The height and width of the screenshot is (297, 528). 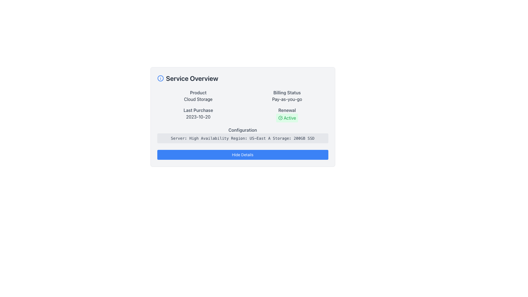 I want to click on the Text Label located directly beneath the 'Product' text in the structured section near the top of the interface, so click(x=198, y=99).